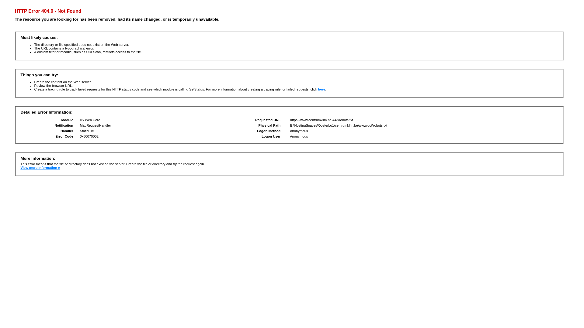  Describe the element at coordinates (318, 89) in the screenshot. I see `'here'` at that location.